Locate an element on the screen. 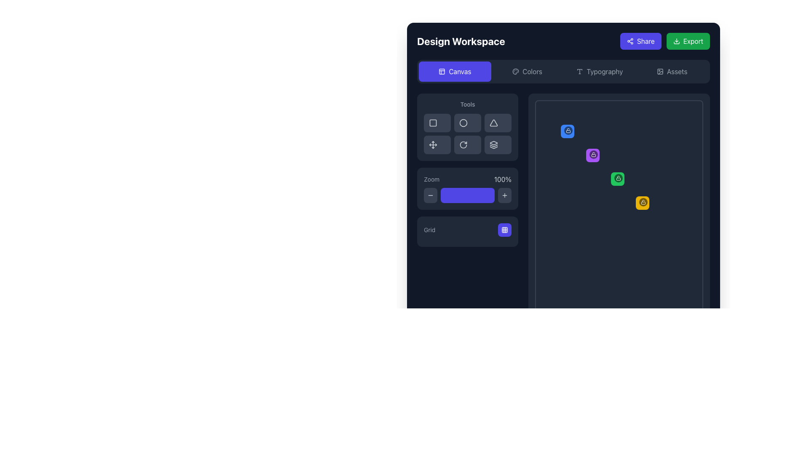 The image size is (809, 455). the text label displaying '100%' in light gray color, located within the 'Zoom' panel to the right of the purple slider control is located at coordinates (503, 179).